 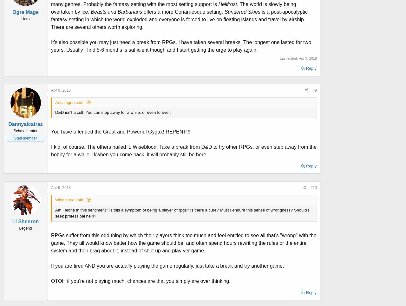 I want to click on 'Dannyalcatraz', so click(x=25, y=123).